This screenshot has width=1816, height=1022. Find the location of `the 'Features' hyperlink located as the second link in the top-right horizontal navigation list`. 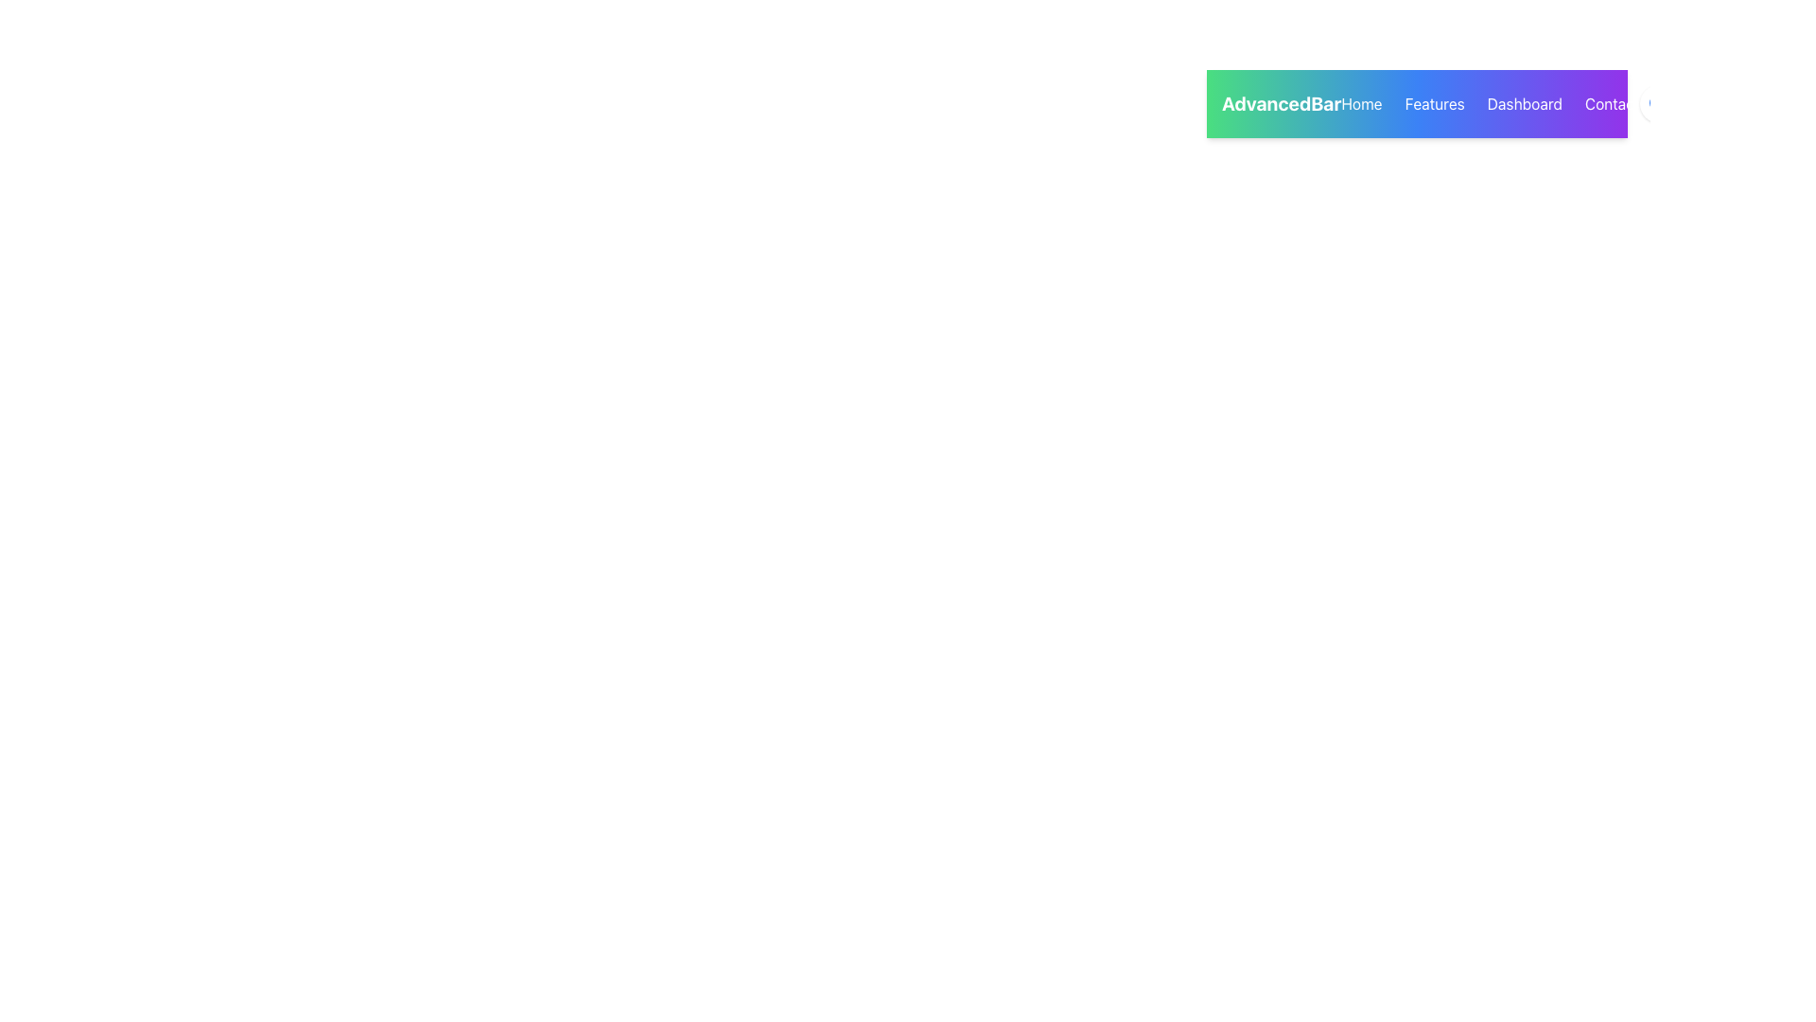

the 'Features' hyperlink located as the second link in the top-right horizontal navigation list is located at coordinates (1434, 104).